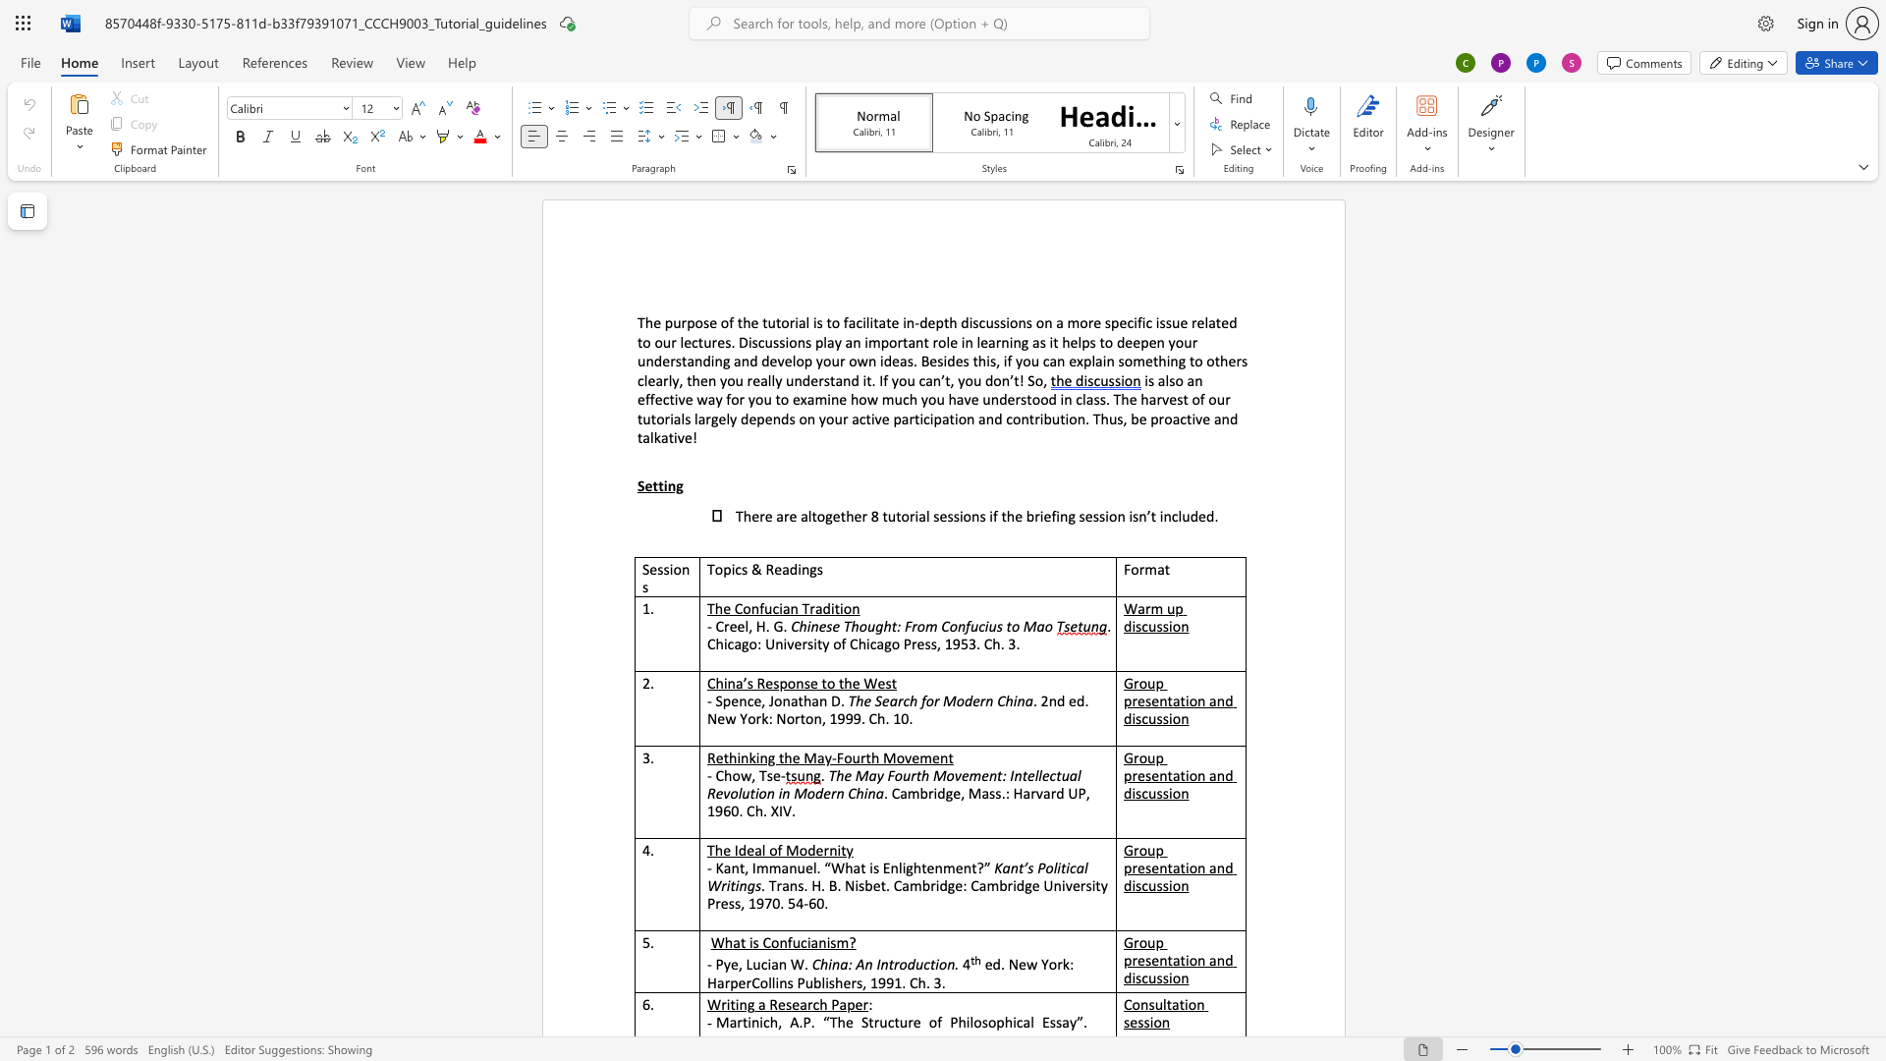 This screenshot has height=1061, width=1886. I want to click on the space between the continuous character "c" and "t" in the text, so click(864, 418).